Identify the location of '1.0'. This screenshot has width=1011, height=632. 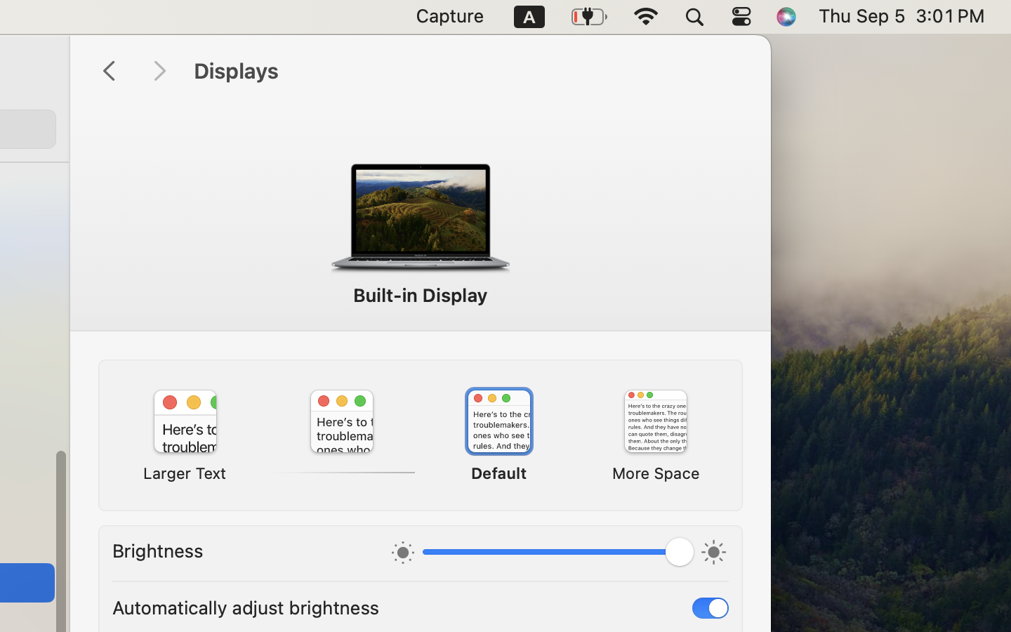
(558, 555).